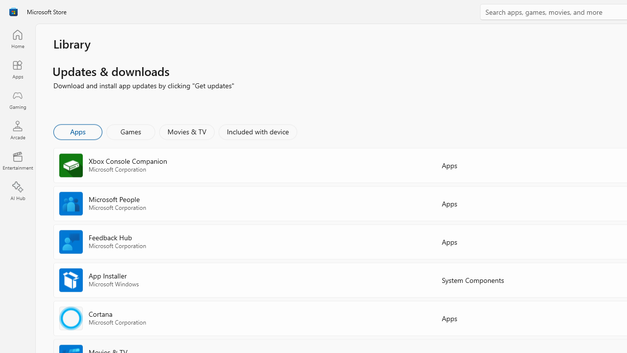 The width and height of the screenshot is (627, 353). Describe the element at coordinates (17, 160) in the screenshot. I see `'Entertainment'` at that location.